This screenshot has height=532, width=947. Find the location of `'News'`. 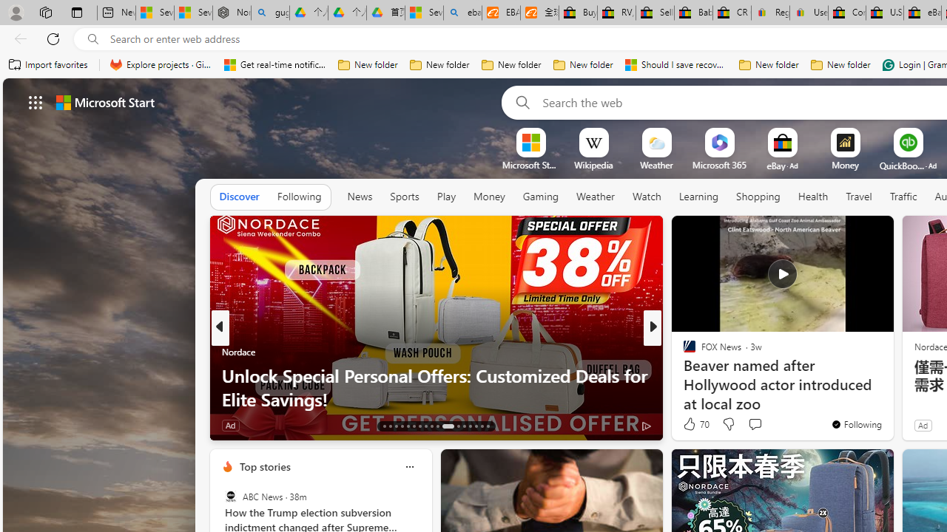

'News' is located at coordinates (360, 196).